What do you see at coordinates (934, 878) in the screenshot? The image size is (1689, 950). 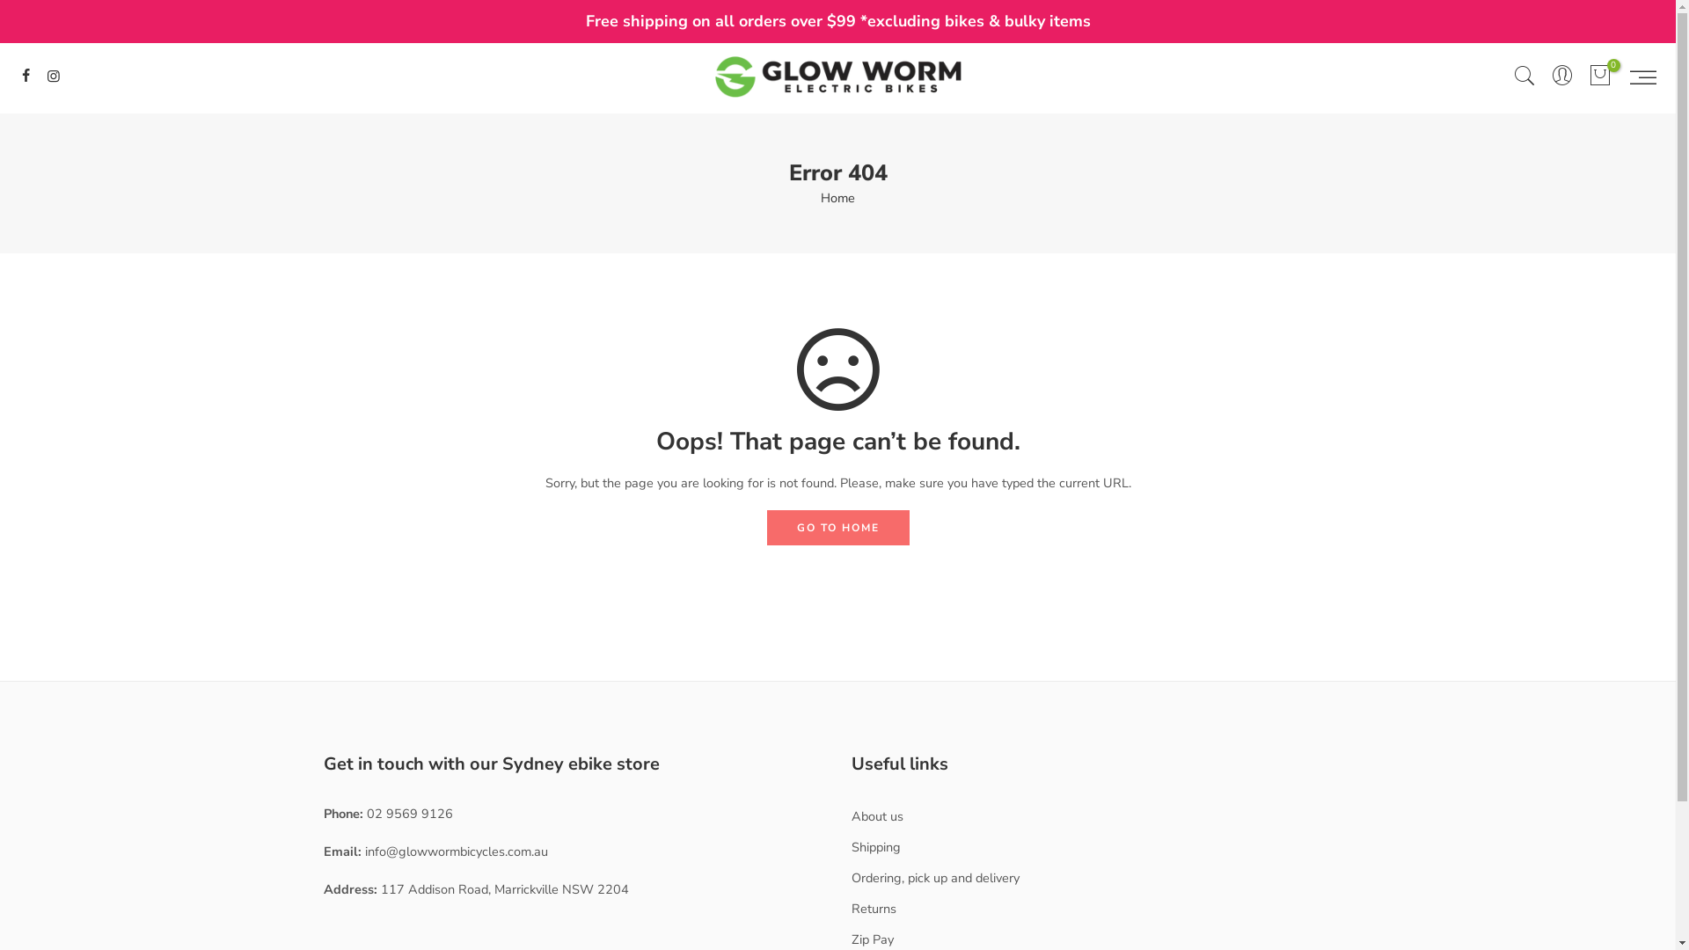 I see `'Ordering, pick up and delivery'` at bounding box center [934, 878].